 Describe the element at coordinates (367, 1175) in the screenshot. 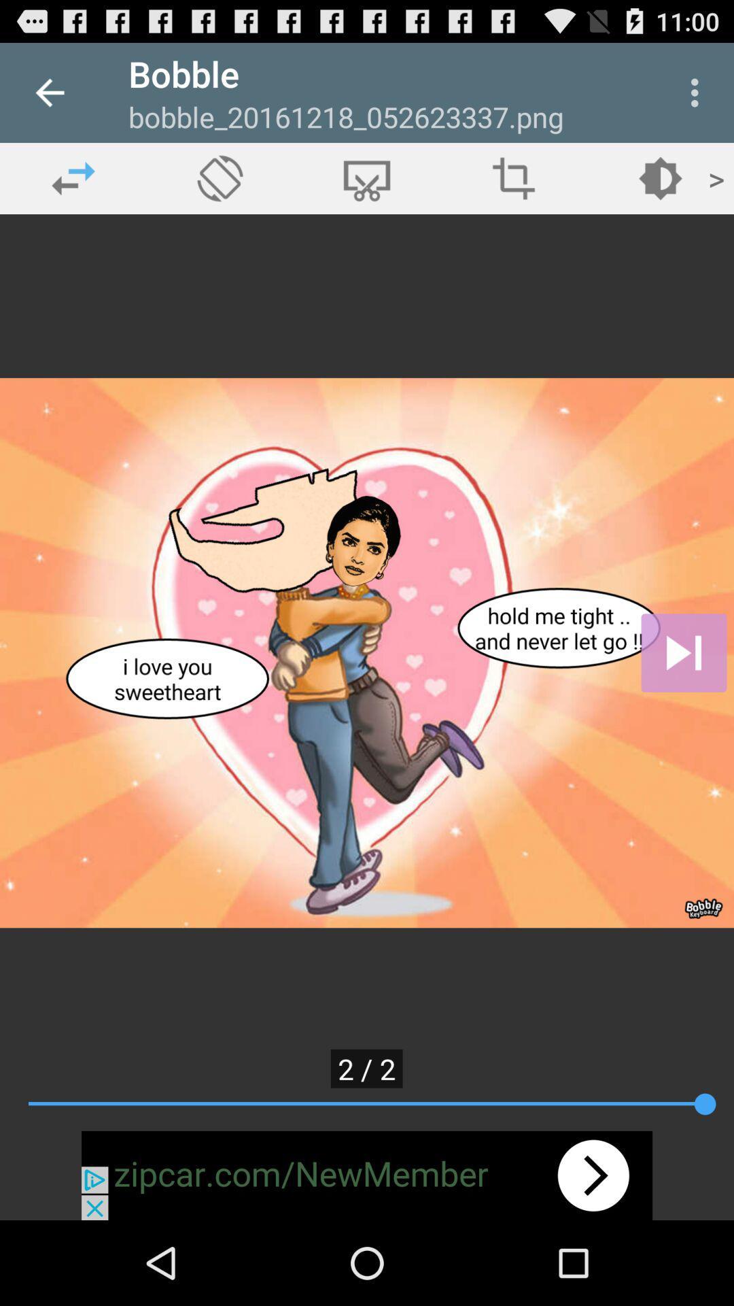

I see `advertisiment advertisement` at that location.